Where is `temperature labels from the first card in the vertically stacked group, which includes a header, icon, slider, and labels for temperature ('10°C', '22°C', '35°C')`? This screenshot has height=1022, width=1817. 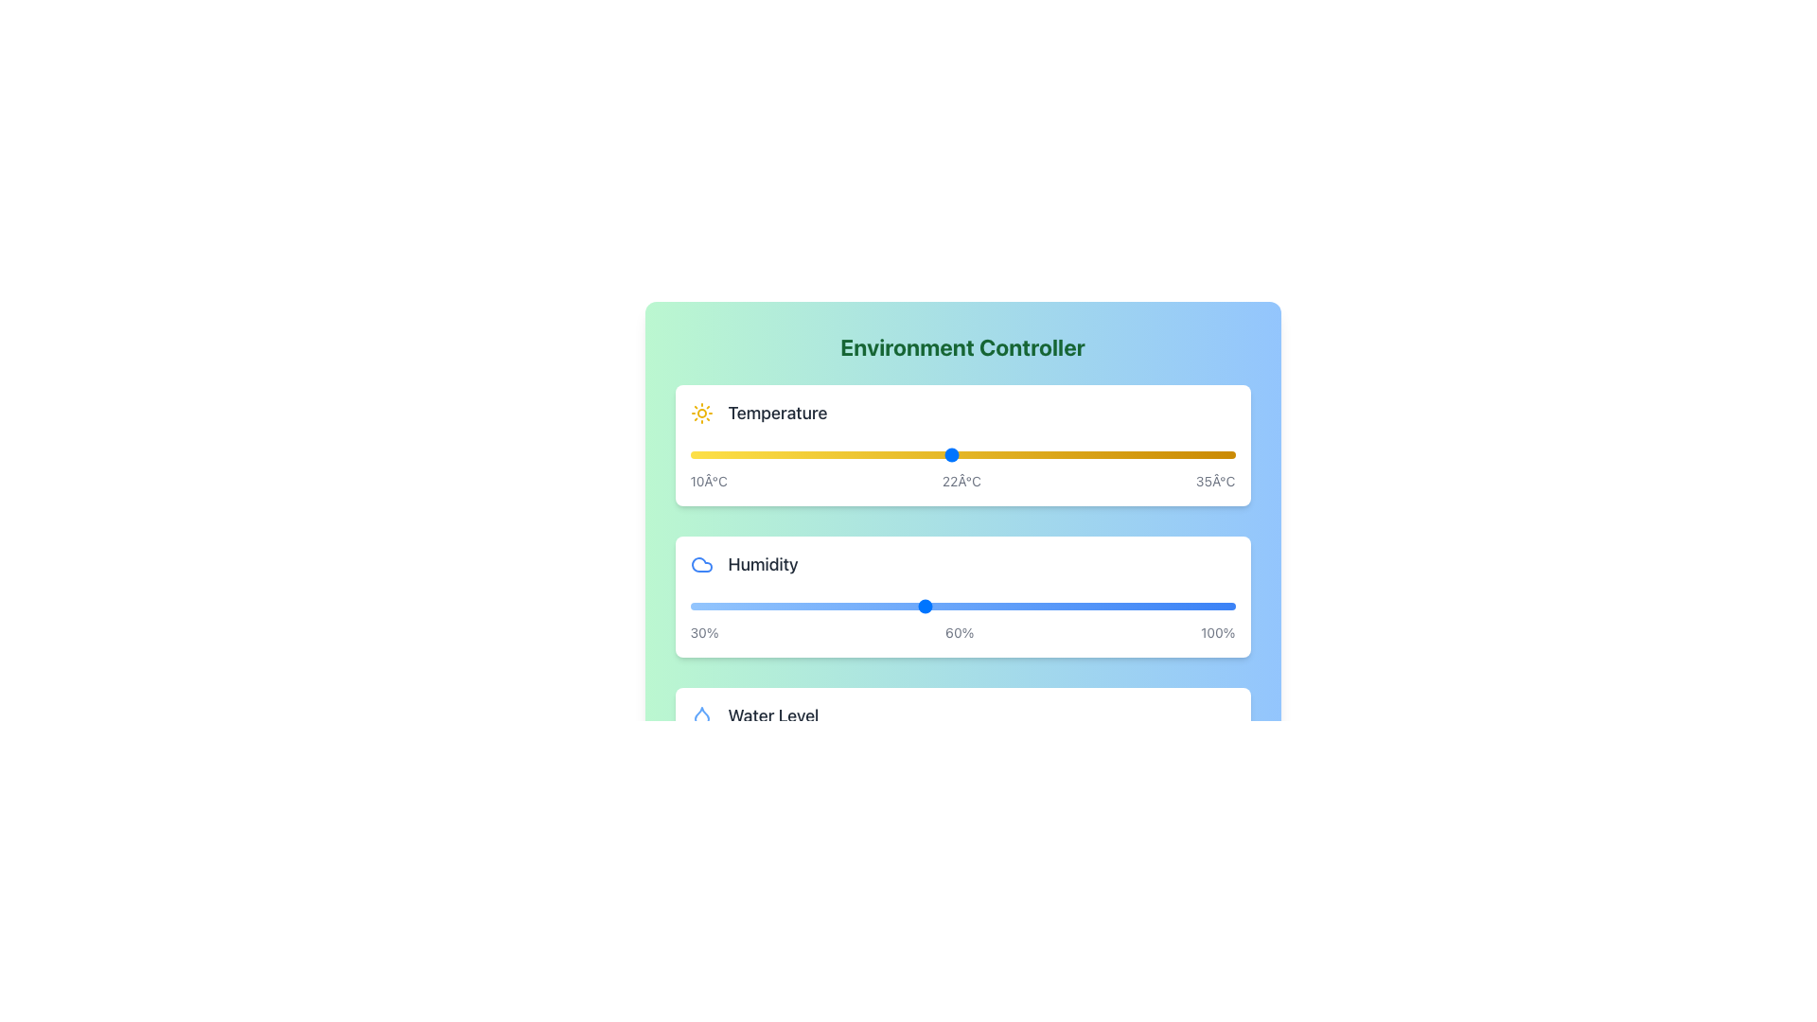 temperature labels from the first card in the vertically stacked group, which includes a header, icon, slider, and labels for temperature ('10°C', '22°C', '35°C') is located at coordinates (962, 445).